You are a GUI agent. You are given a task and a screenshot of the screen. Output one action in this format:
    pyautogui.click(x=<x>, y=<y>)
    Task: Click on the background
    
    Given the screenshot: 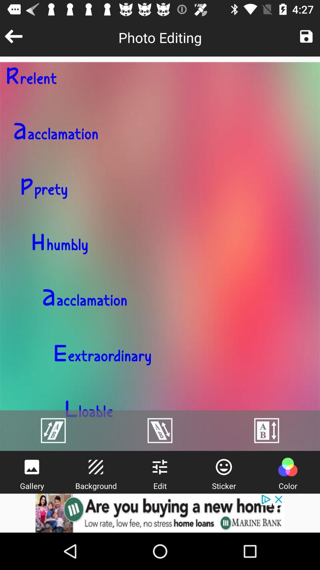 What is the action you would take?
    pyautogui.click(x=95, y=467)
    